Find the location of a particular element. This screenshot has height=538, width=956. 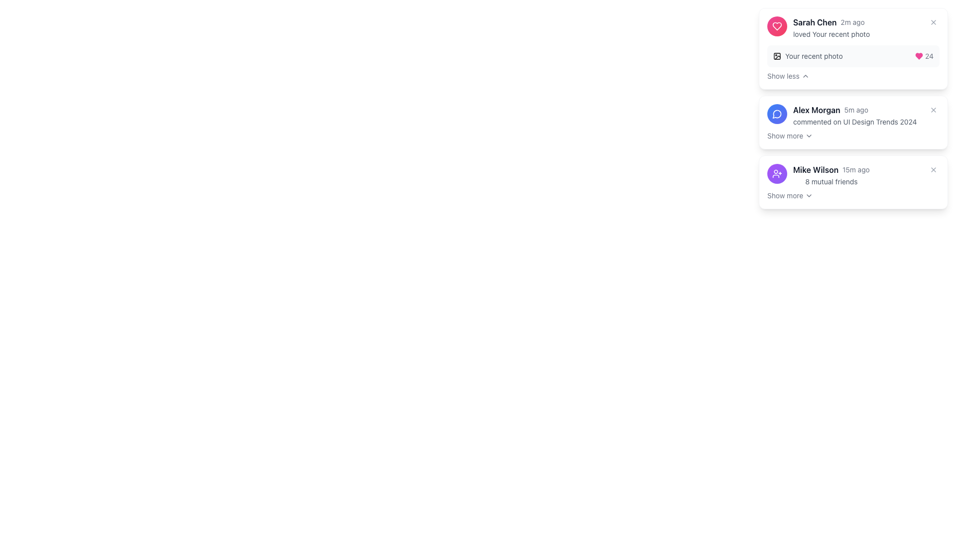

the text 'Your recent photo' in the Label with an icon that has a small gray photo icon, located near the top-left of the notification card for Sarah Chen is located at coordinates (808, 56).